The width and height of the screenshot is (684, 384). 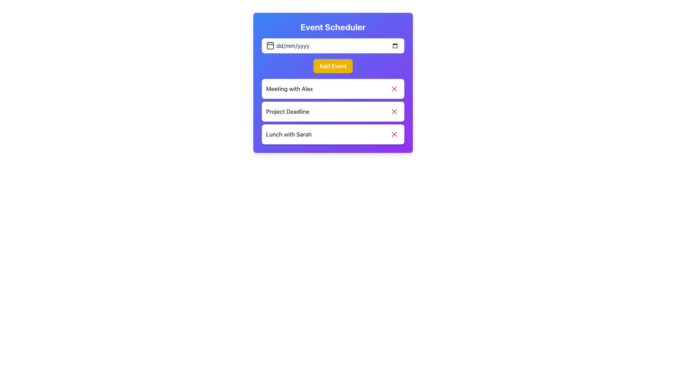 I want to click on the text label that presents the title or name of an event in the bottom list entry of the event schedule card group, located to the left of the red circular 'X' button, so click(x=289, y=134).